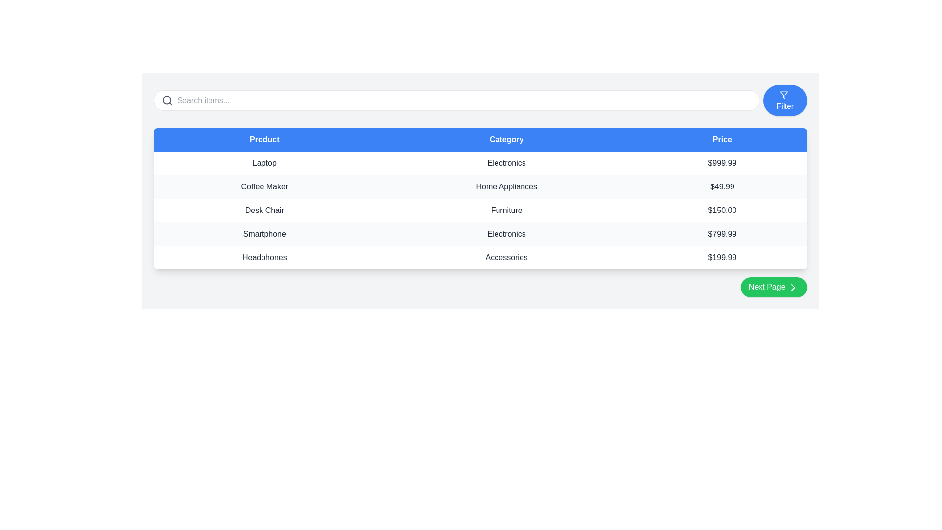 The width and height of the screenshot is (942, 530). Describe the element at coordinates (784, 95) in the screenshot. I see `the 'Filter' button located in the top-right corner of the application interface` at that location.